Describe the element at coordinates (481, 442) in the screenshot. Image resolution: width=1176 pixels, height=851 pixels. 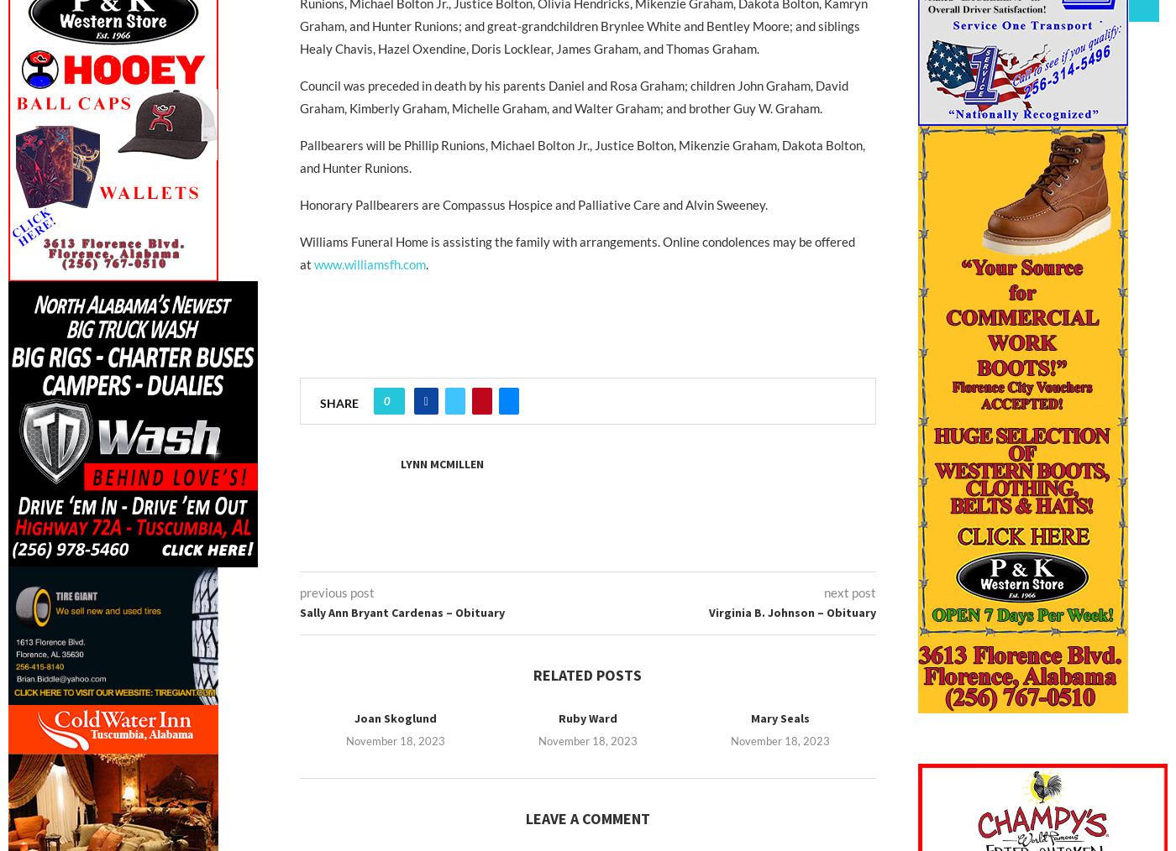
I see `'Pinterest'` at that location.